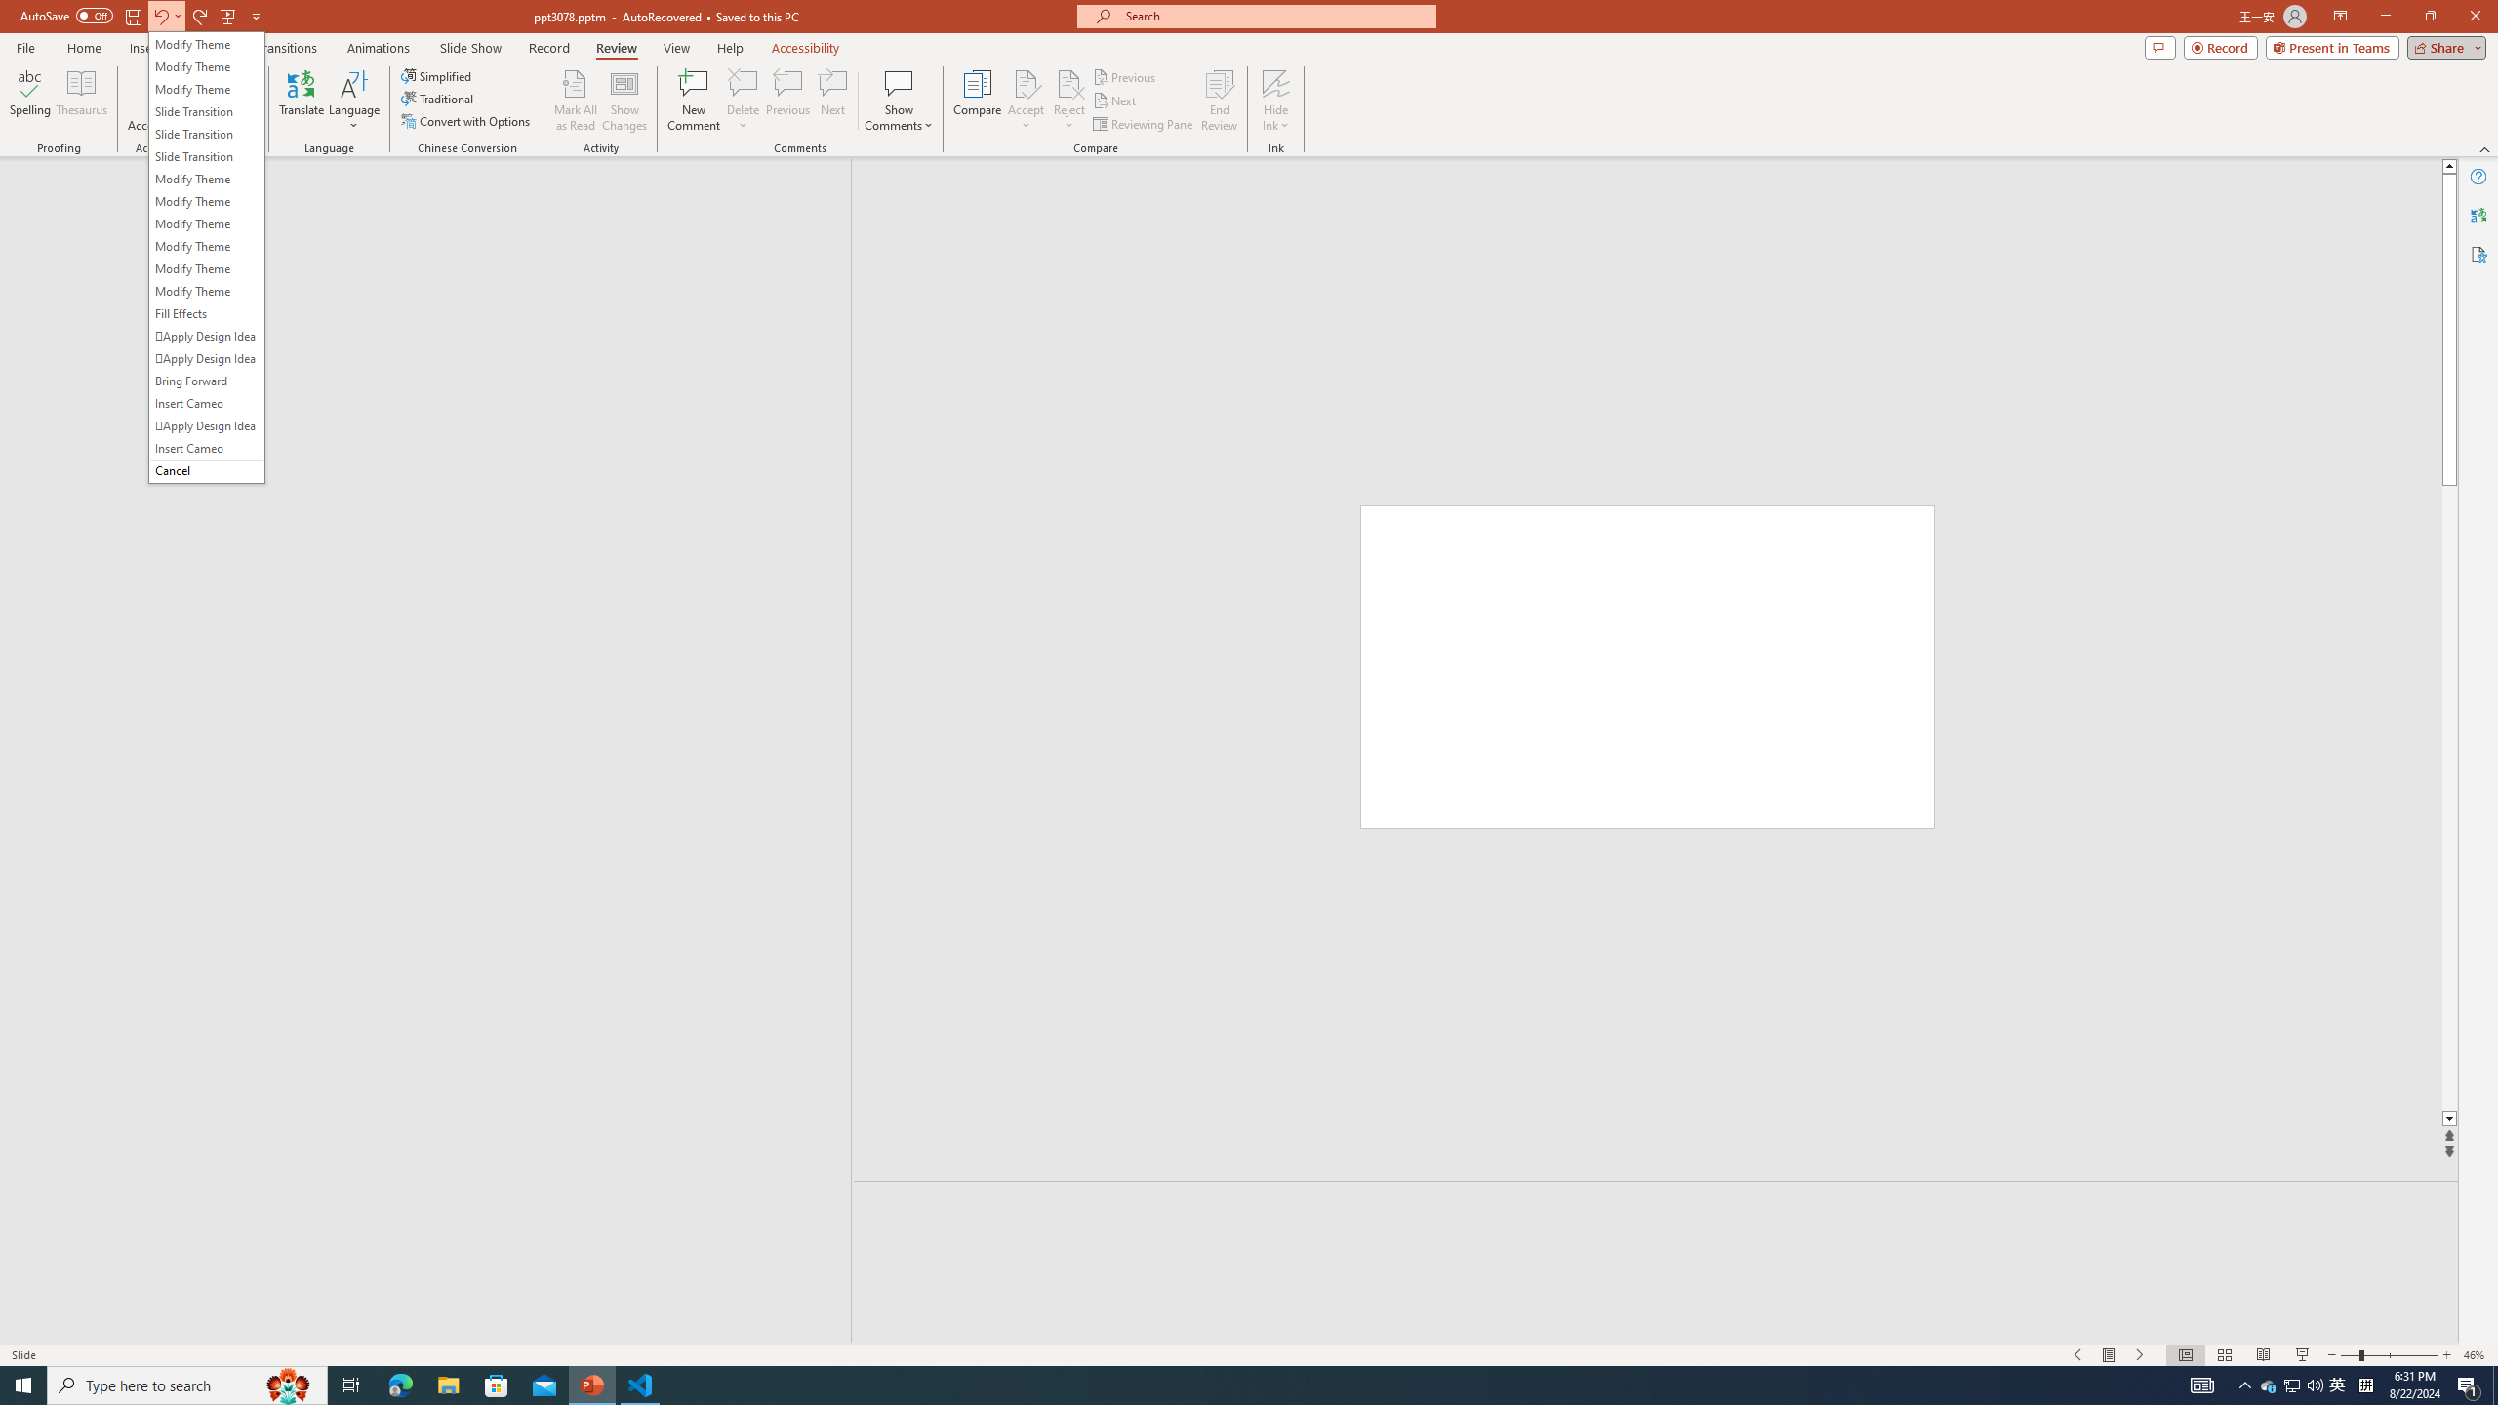 The height and width of the screenshot is (1405, 2498). I want to click on 'Menu On', so click(2108, 1355).